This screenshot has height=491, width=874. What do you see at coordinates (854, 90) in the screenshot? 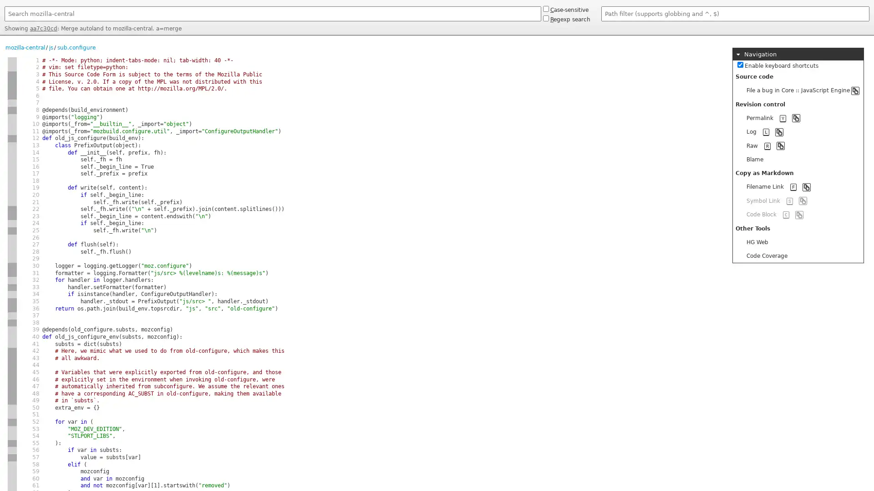
I see `Copy to clipboard` at bounding box center [854, 90].